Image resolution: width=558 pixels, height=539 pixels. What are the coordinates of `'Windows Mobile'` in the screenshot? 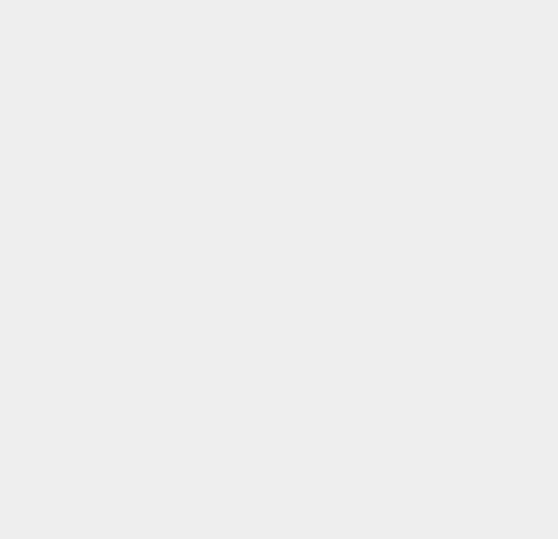 It's located at (420, 446).